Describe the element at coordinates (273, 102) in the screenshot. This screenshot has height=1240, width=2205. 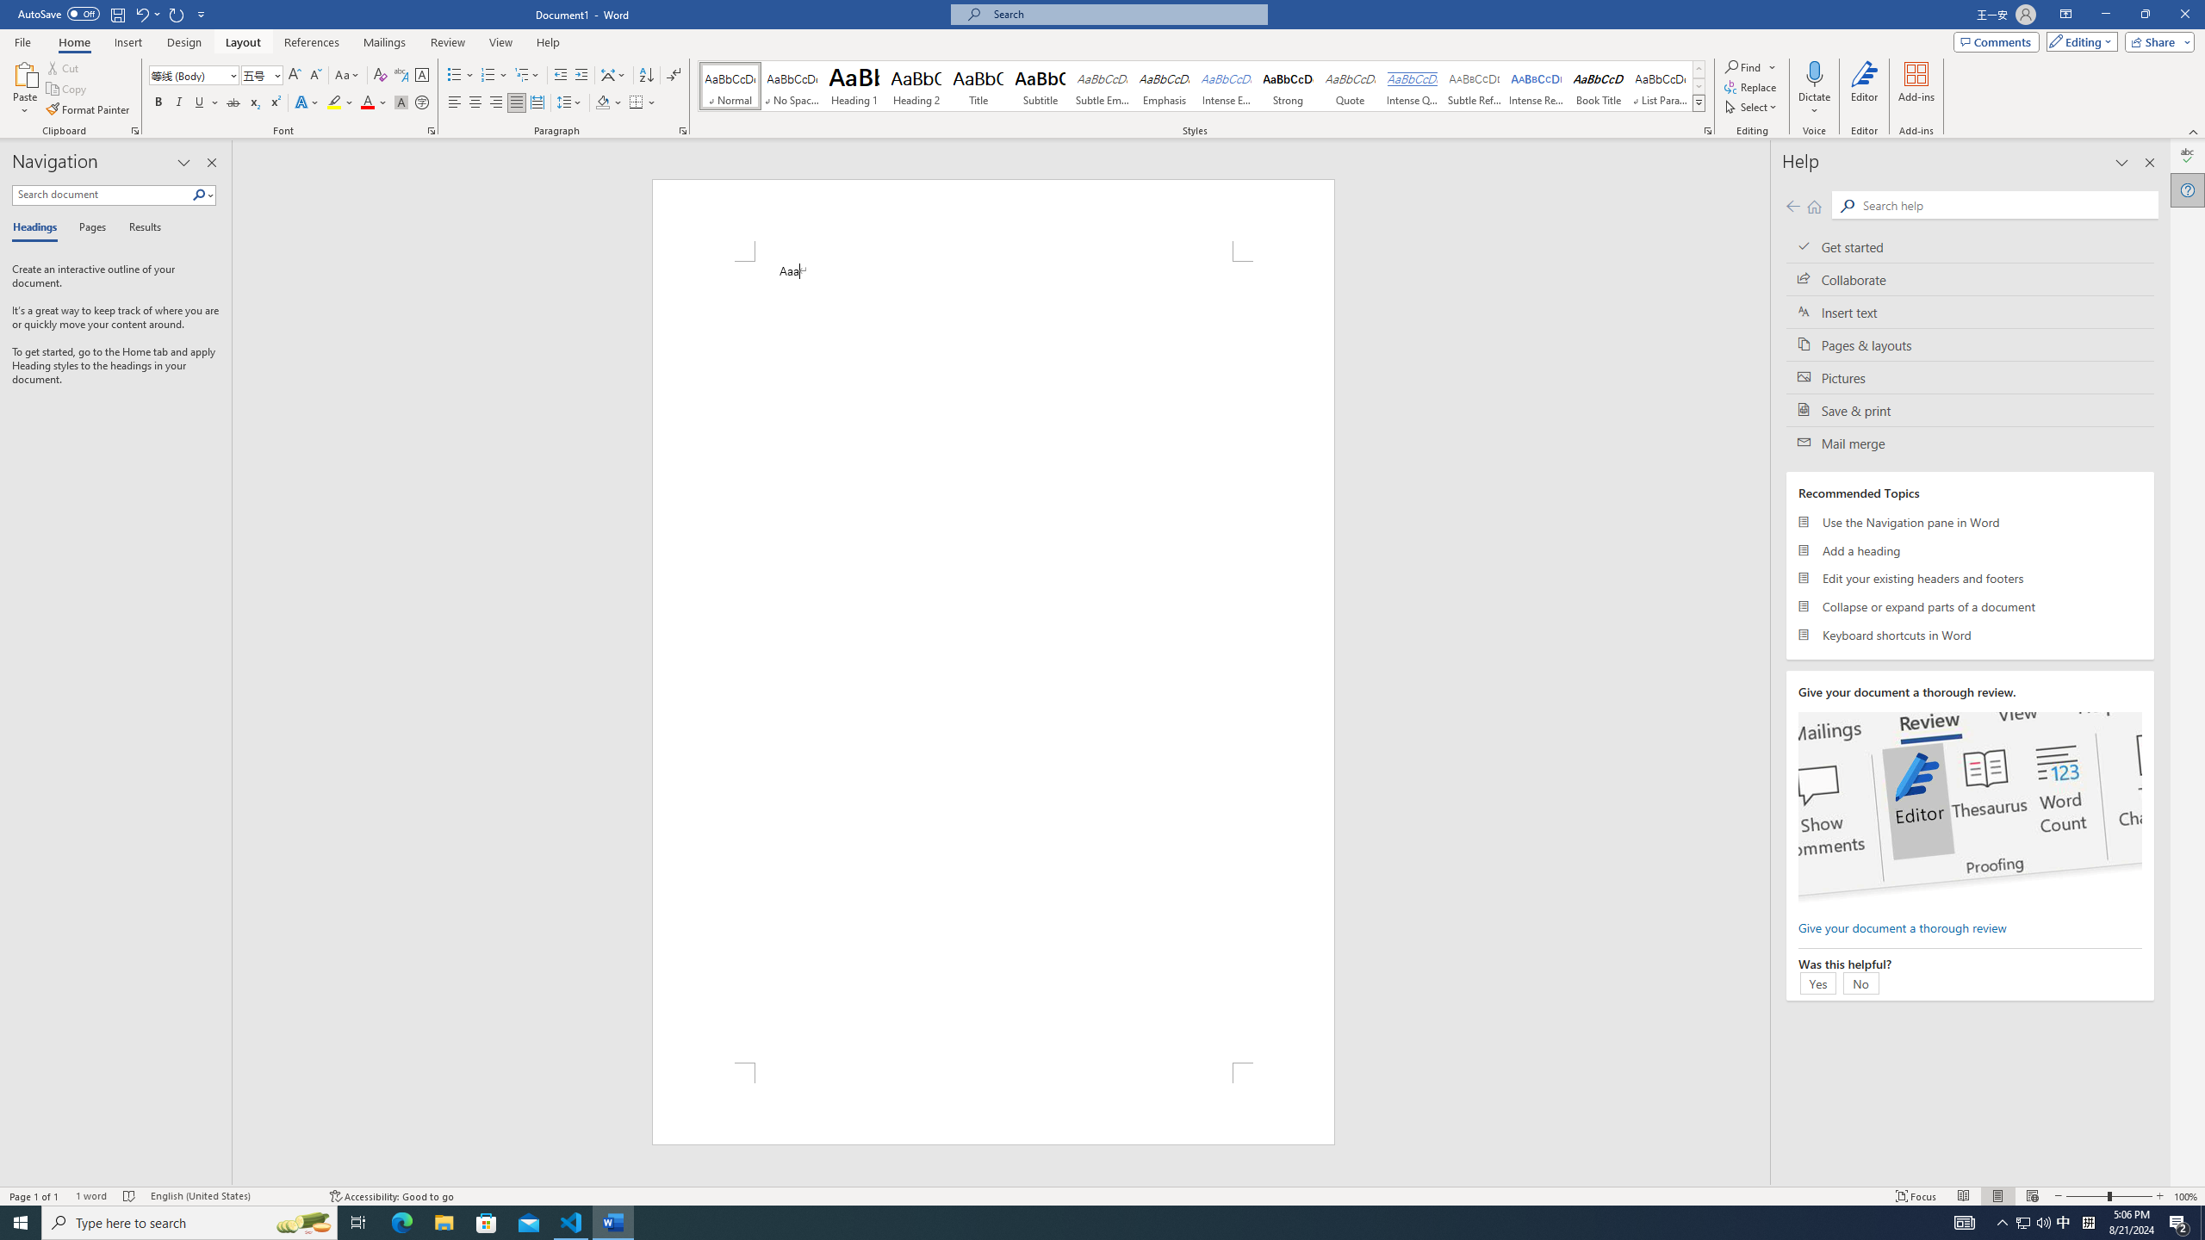
I see `'Superscript'` at that location.